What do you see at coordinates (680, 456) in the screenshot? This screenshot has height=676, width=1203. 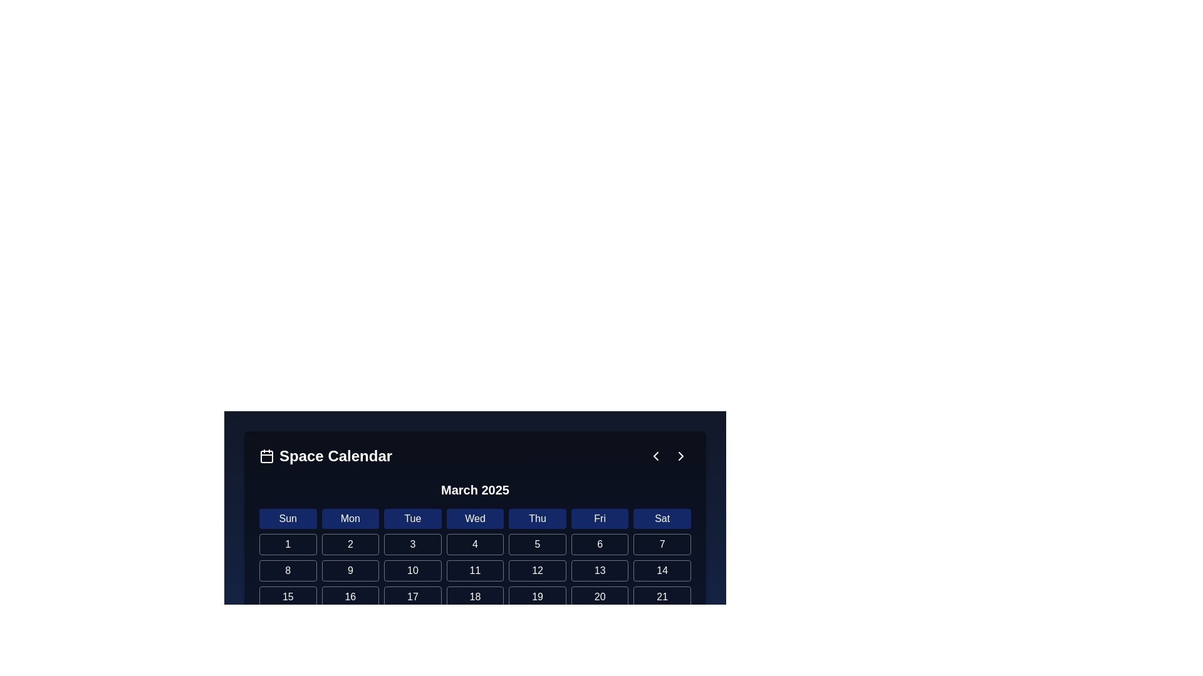 I see `the right-pointing chevron button located in the top-right corner of the calendar interface` at bounding box center [680, 456].